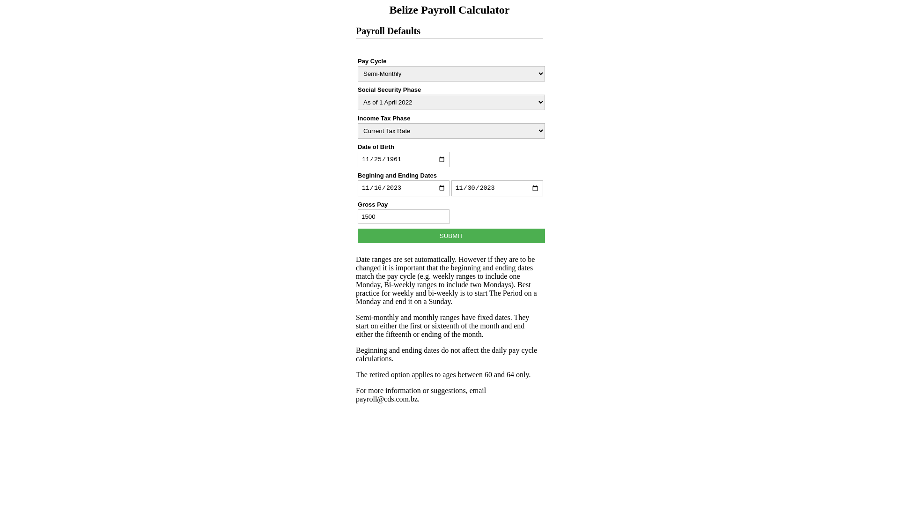  I want to click on 'SUBMIT', so click(451, 235).